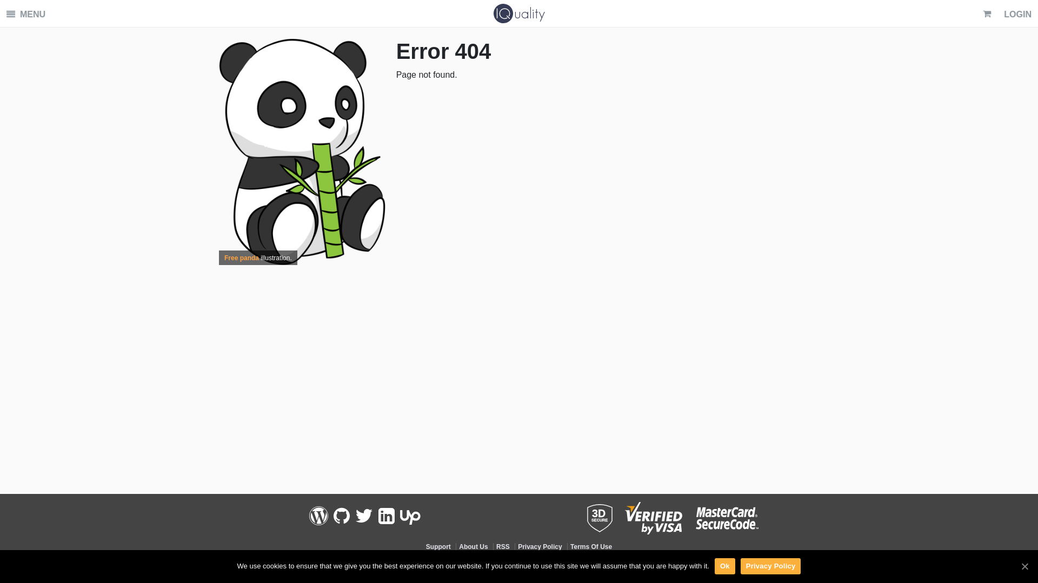 The width and height of the screenshot is (1038, 583). Describe the element at coordinates (409, 516) in the screenshot. I see `'Follow us on UpWork'` at that location.